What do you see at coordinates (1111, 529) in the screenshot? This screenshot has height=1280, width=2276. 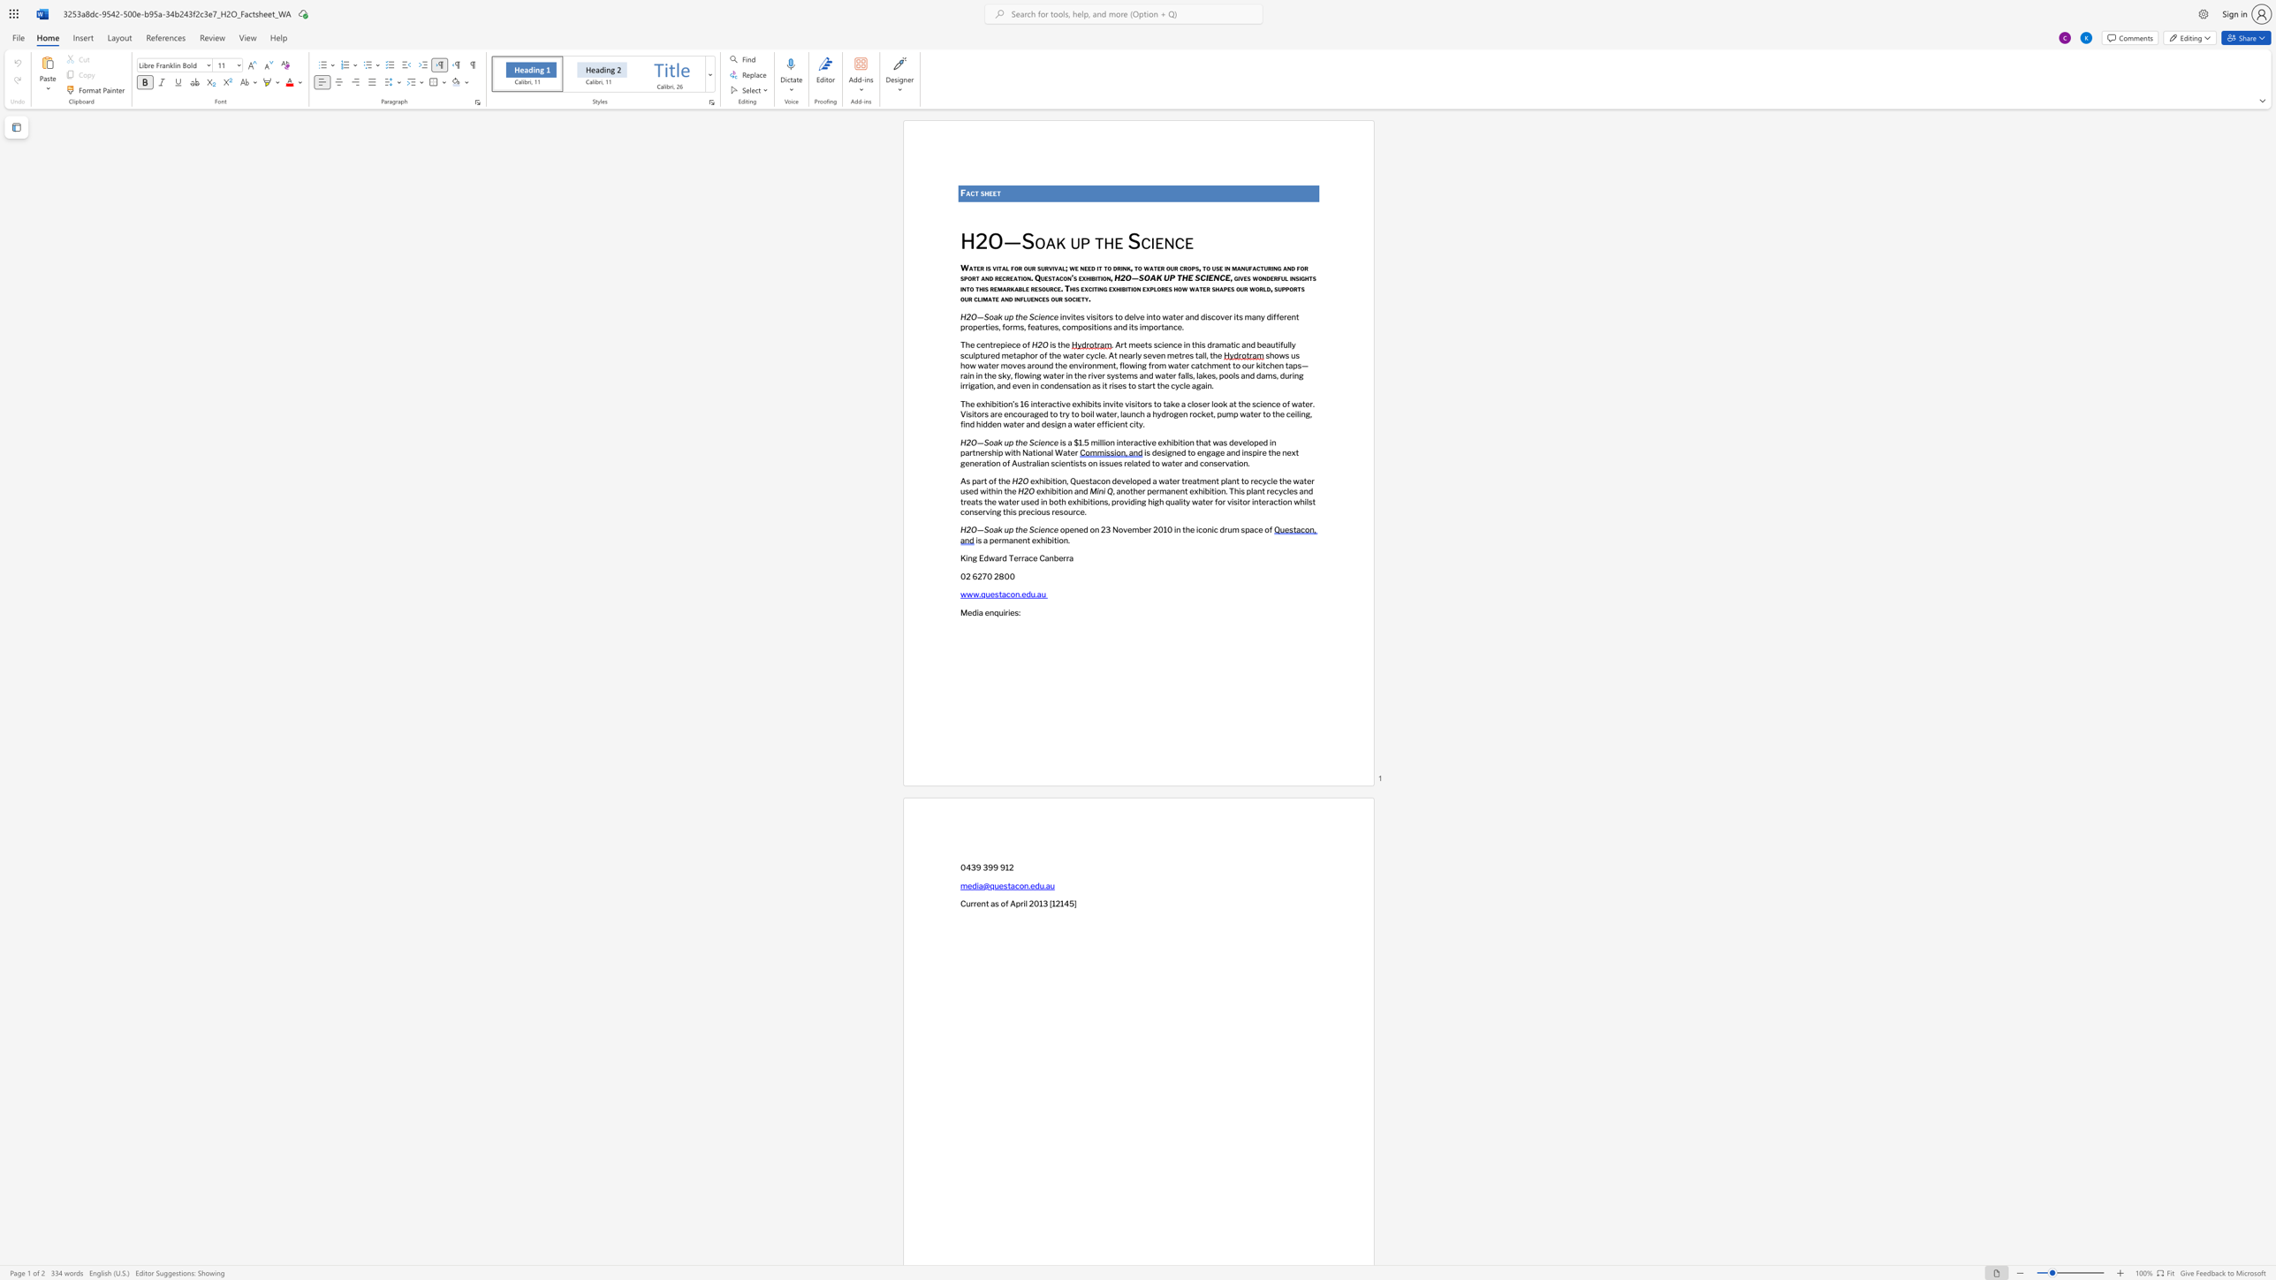 I see `the subset text "November 201" within the text "opened on 23 November 2010 in the iconic drum space of"` at bounding box center [1111, 529].